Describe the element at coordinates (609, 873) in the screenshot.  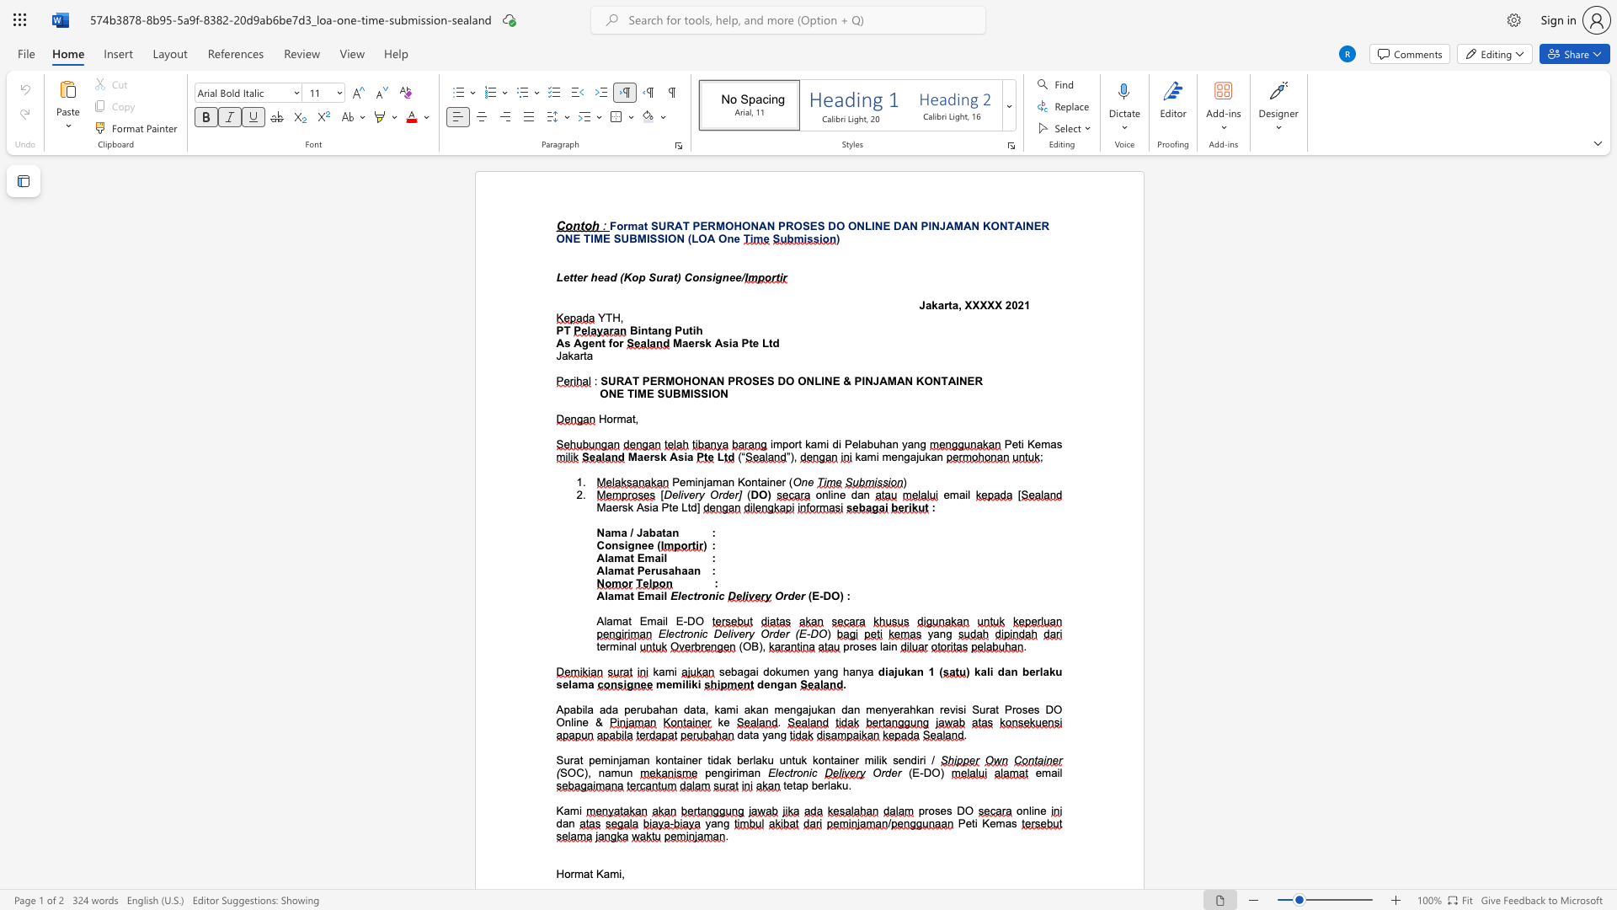
I see `the subset text "mi" within the text "Hormat Kami,"` at that location.